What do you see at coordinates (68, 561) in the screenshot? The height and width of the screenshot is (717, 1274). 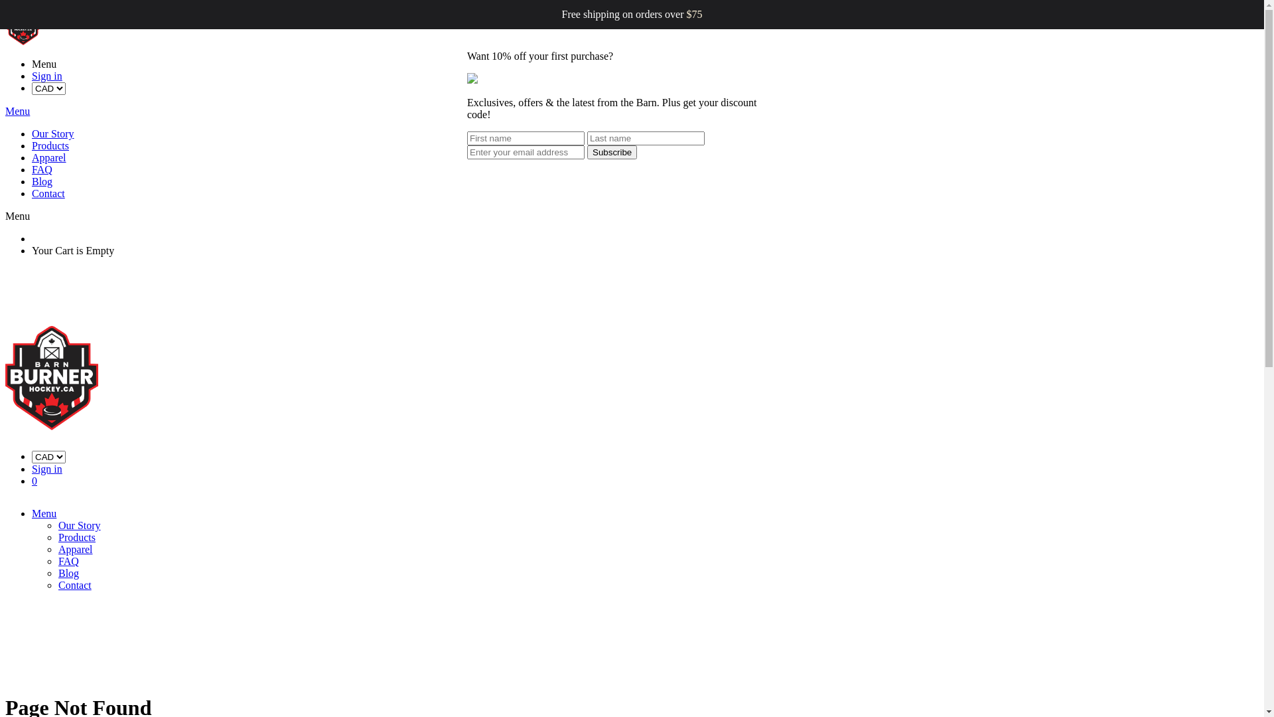 I see `'FAQ'` at bounding box center [68, 561].